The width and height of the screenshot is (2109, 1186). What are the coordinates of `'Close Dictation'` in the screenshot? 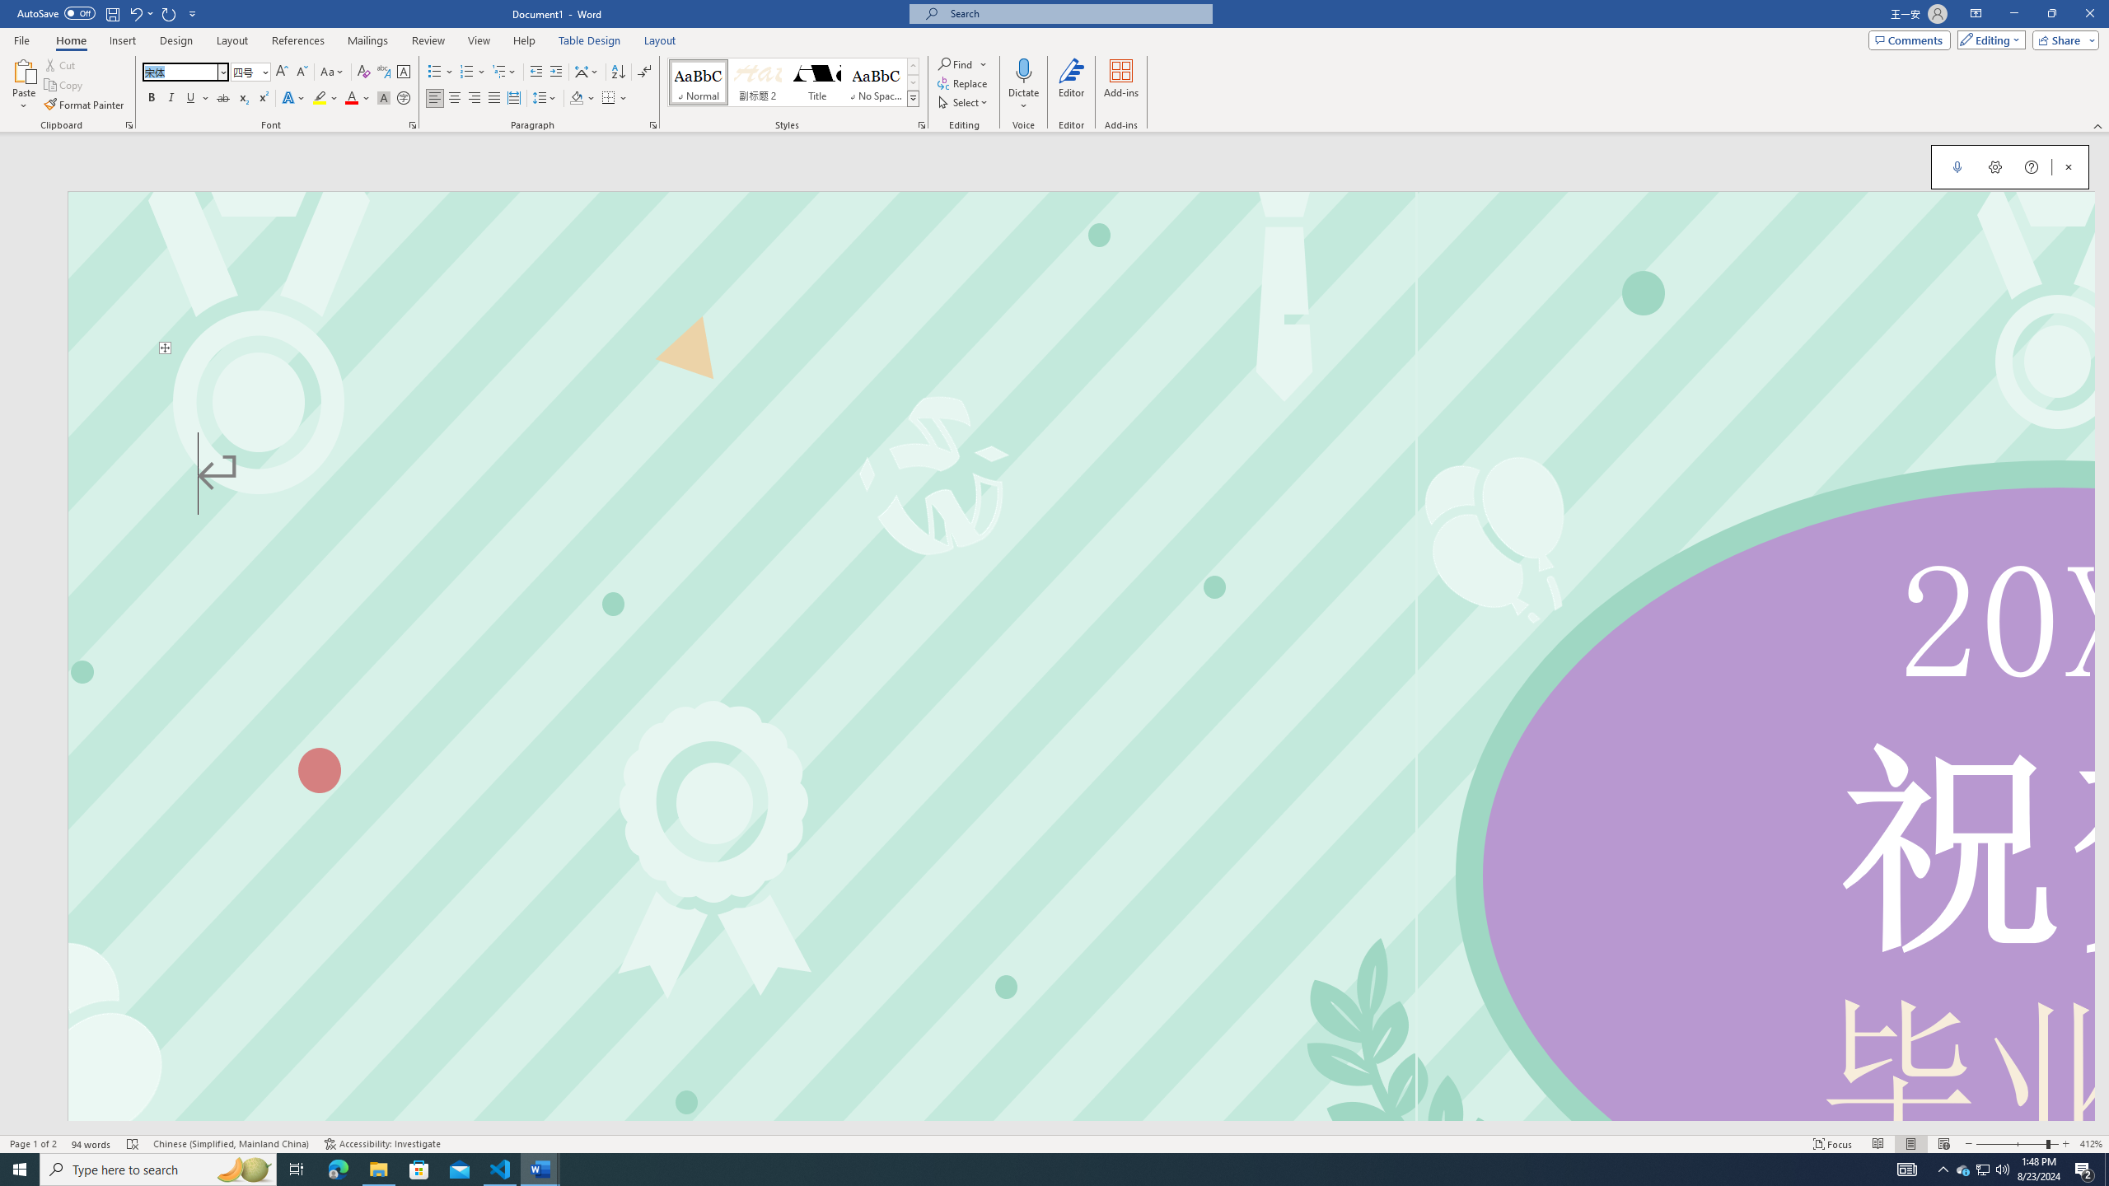 It's located at (2069, 166).